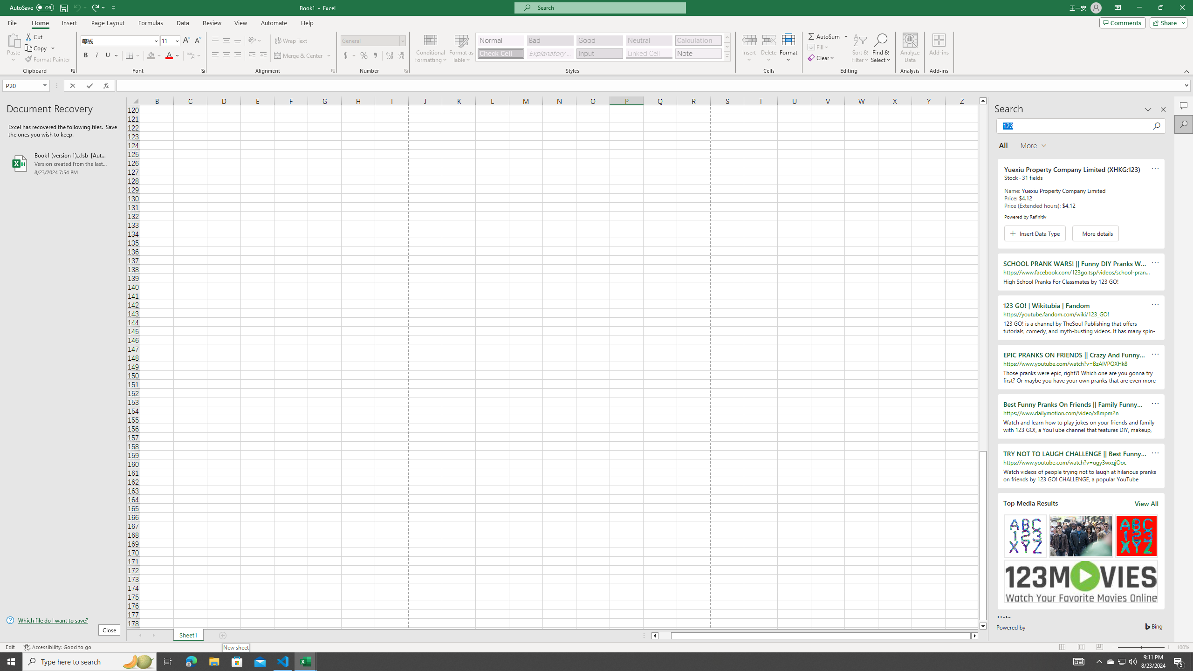 Image resolution: width=1193 pixels, height=671 pixels. What do you see at coordinates (859, 48) in the screenshot?
I see `'Sort & Filter'` at bounding box center [859, 48].